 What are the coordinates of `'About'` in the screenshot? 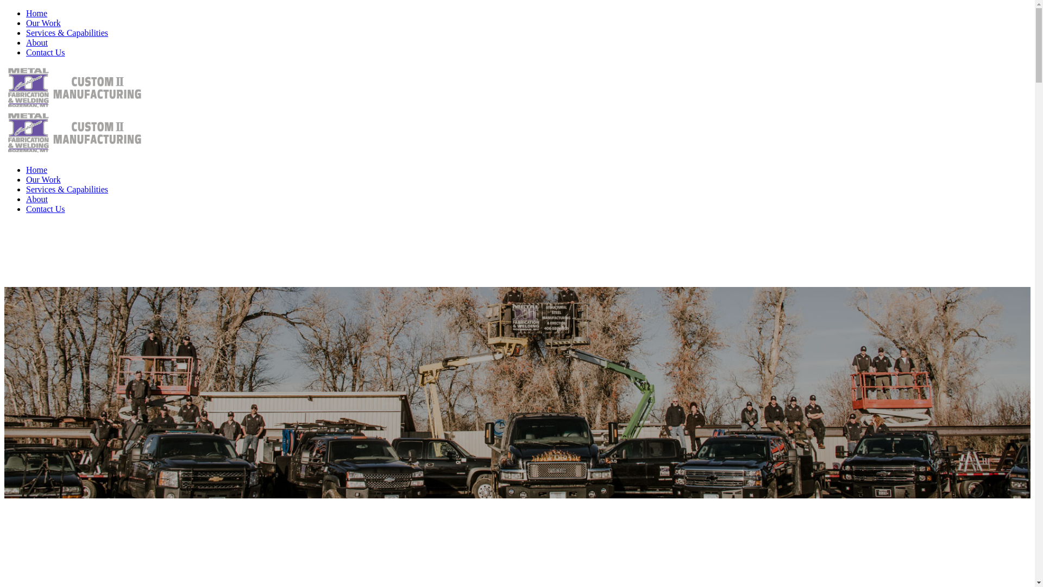 It's located at (36, 199).